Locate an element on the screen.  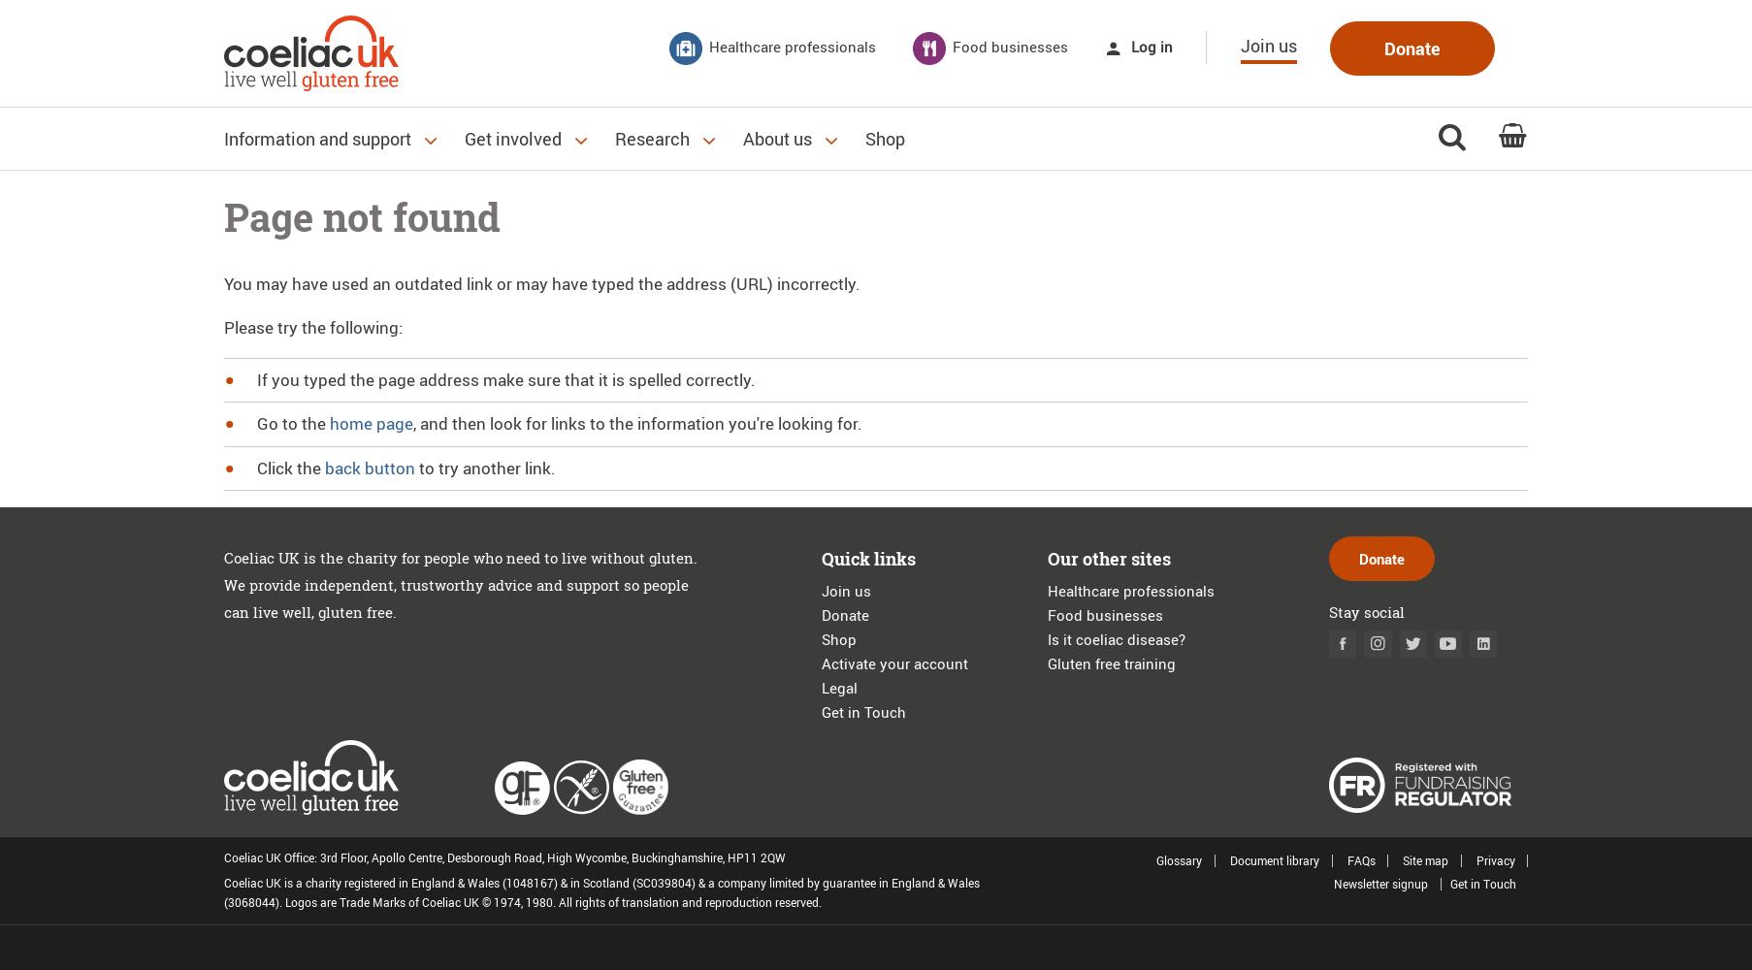
'back button' is located at coordinates (369, 466).